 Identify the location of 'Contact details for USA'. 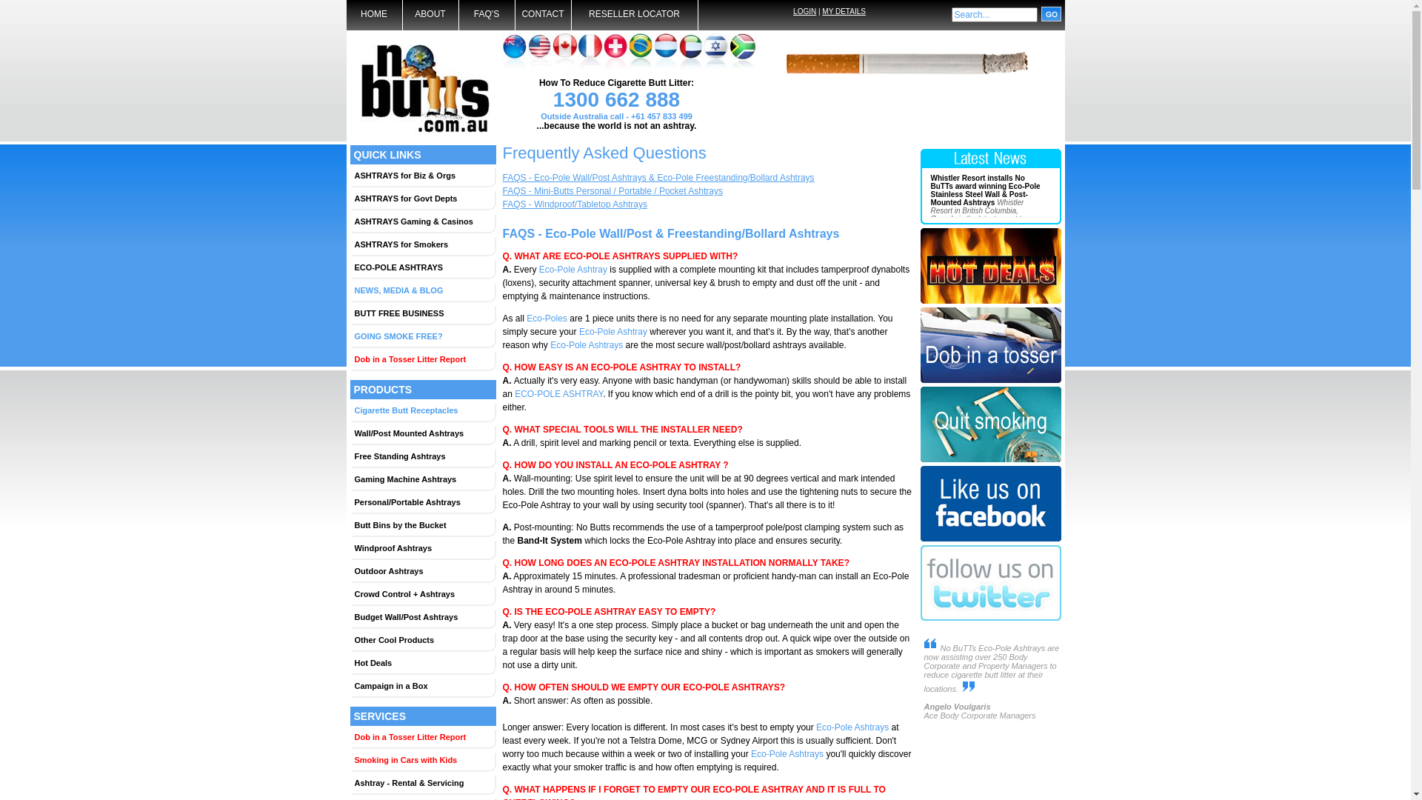
(539, 50).